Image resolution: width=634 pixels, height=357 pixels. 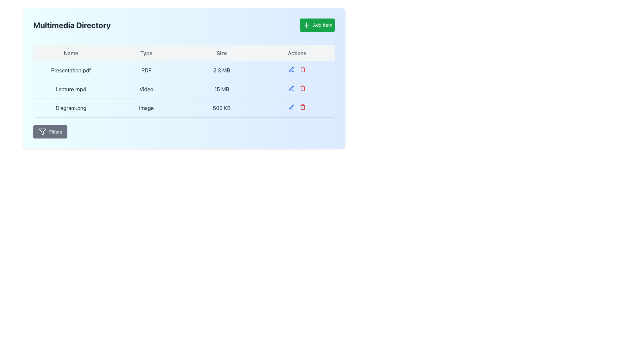 I want to click on the blue pen icon in the 'Actions' column of the multimedia directory table to initiate an edit action for the 'Diagram.png' row, so click(x=291, y=107).